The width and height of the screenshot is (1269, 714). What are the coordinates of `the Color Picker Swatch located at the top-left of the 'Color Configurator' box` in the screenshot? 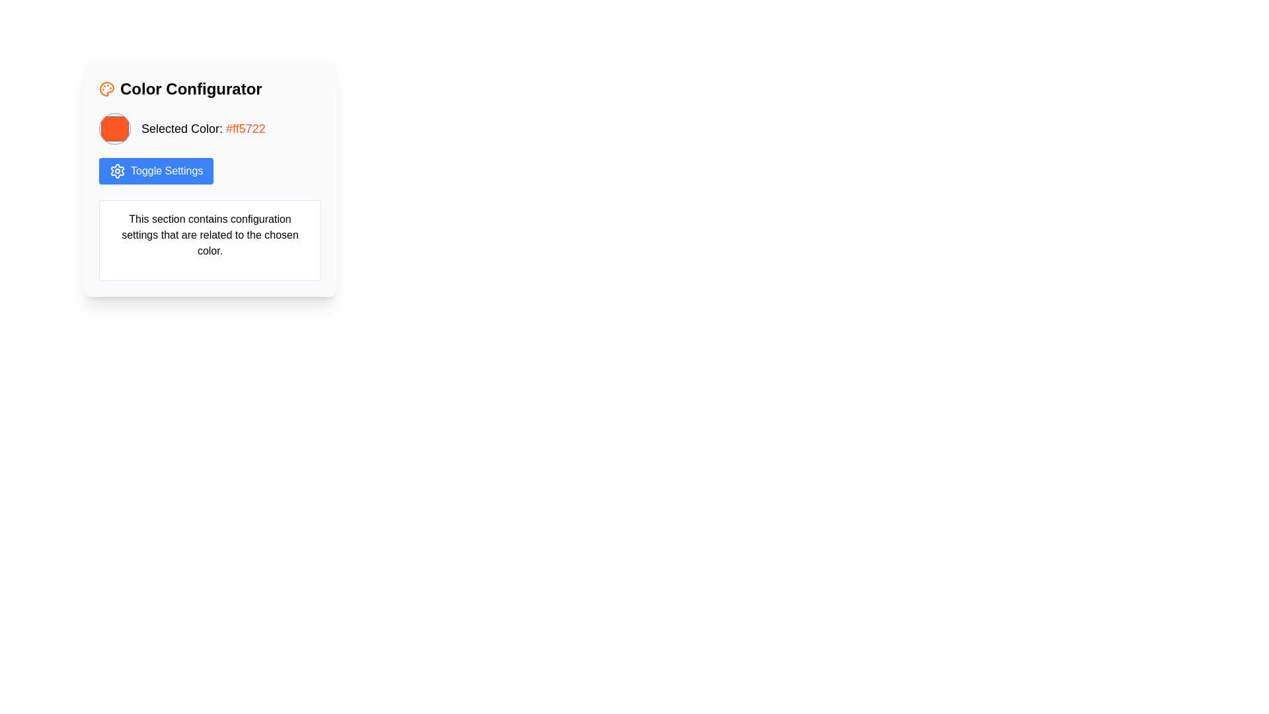 It's located at (114, 129).